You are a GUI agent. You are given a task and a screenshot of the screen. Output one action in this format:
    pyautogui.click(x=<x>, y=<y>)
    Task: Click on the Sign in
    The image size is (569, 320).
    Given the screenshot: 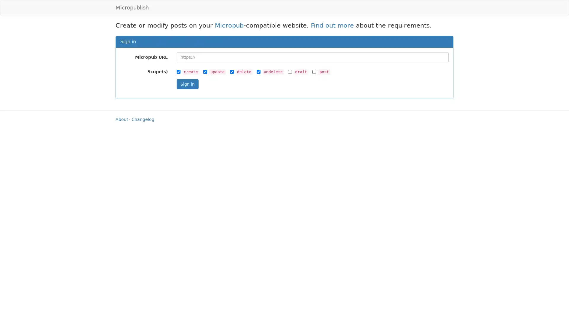 What is the action you would take?
    pyautogui.click(x=187, y=84)
    